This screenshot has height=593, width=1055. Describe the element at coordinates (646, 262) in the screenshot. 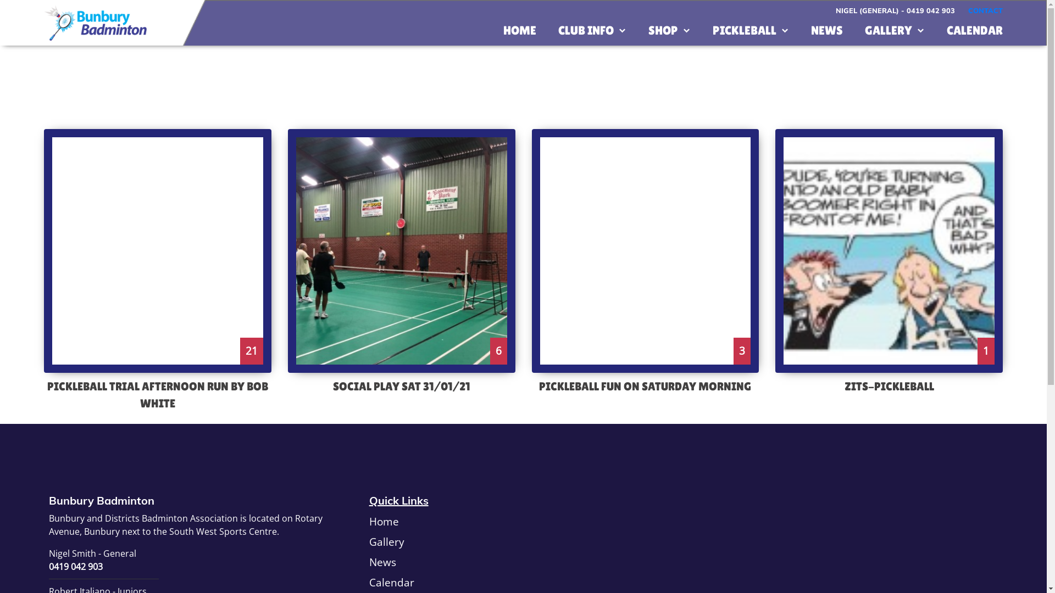

I see `'3` at that location.